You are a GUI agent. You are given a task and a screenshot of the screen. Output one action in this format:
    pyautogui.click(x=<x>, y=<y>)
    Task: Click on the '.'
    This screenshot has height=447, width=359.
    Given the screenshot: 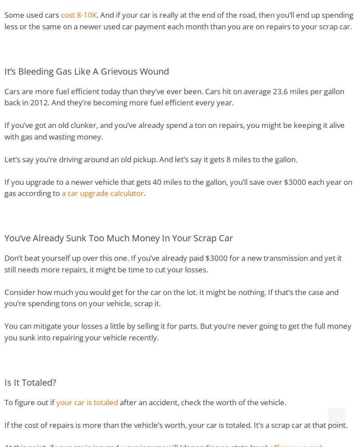 What is the action you would take?
    pyautogui.click(x=144, y=192)
    